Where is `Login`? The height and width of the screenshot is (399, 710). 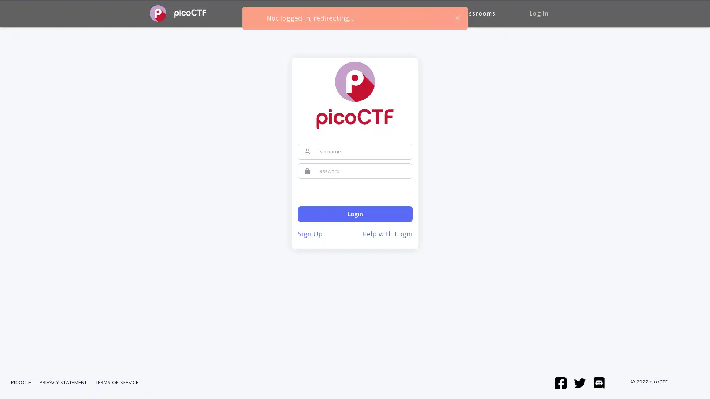 Login is located at coordinates (355, 214).